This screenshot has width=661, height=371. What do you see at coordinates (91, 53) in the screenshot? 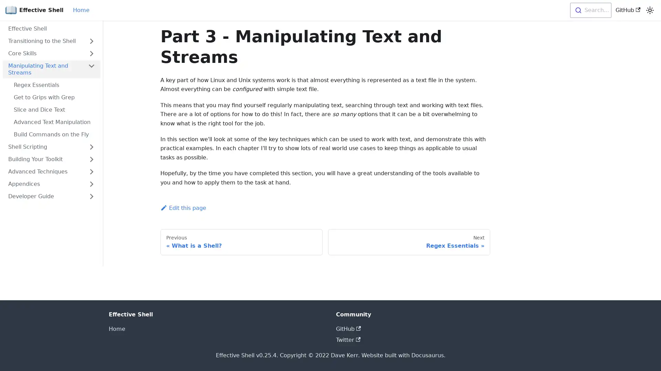
I see `Toggle the collapsible sidebar category 'Core Skills'` at bounding box center [91, 53].